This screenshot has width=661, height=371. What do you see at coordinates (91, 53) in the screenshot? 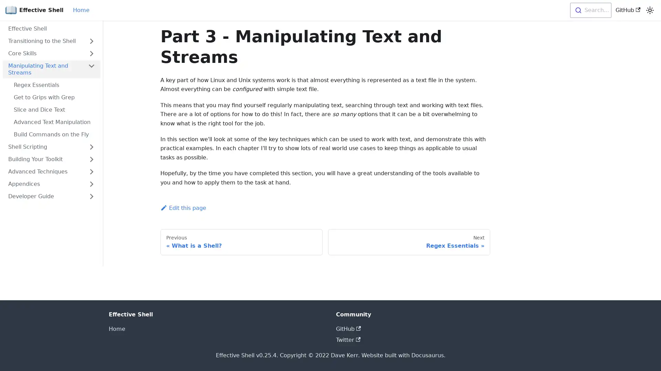
I see `Toggle the collapsible sidebar category 'Core Skills'` at bounding box center [91, 53].